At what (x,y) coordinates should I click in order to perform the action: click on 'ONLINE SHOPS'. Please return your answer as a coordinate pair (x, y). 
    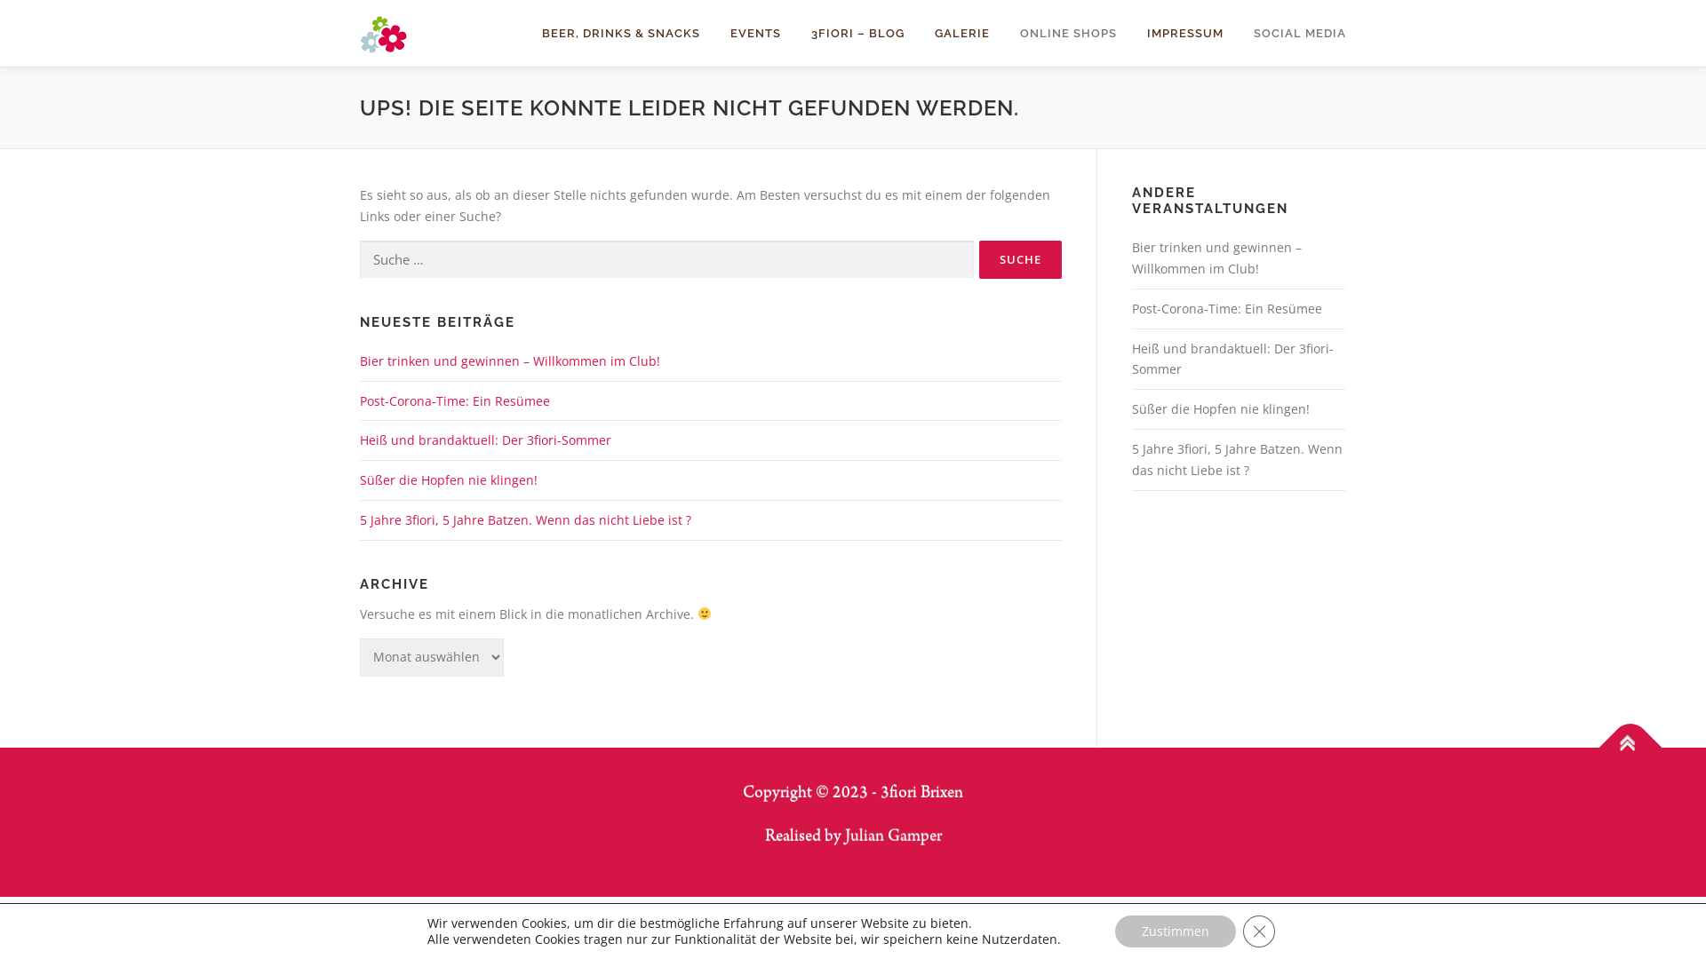
    Looking at the image, I should click on (1067, 33).